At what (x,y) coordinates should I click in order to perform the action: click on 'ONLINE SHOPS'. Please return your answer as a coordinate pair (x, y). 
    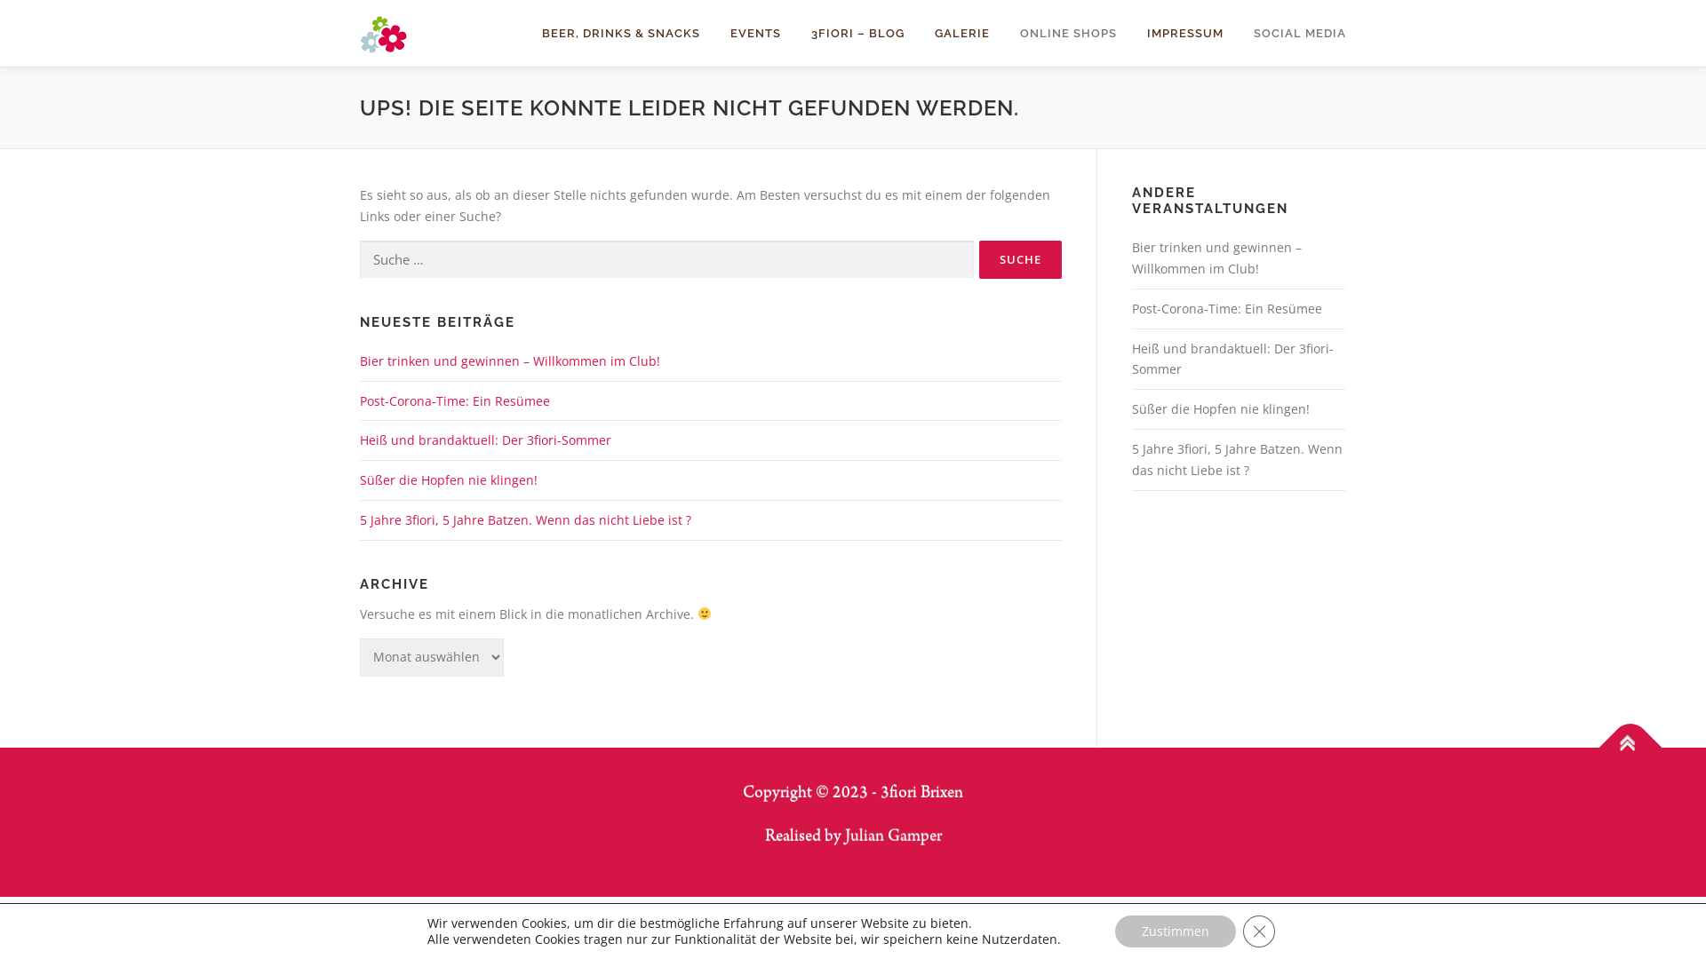
    Looking at the image, I should click on (1067, 33).